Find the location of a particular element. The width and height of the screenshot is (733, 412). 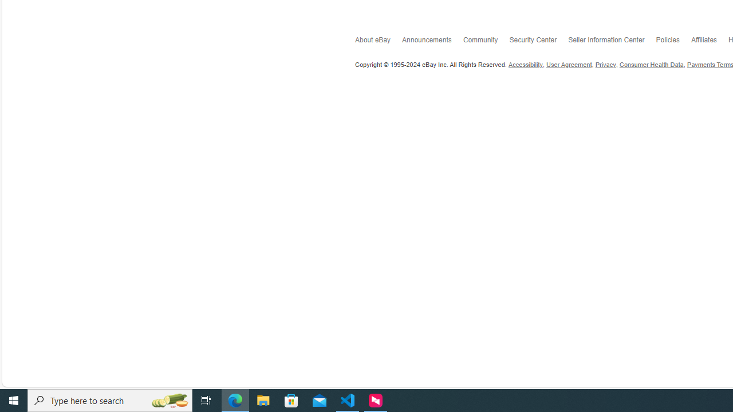

'Affiliates' is located at coordinates (709, 42).